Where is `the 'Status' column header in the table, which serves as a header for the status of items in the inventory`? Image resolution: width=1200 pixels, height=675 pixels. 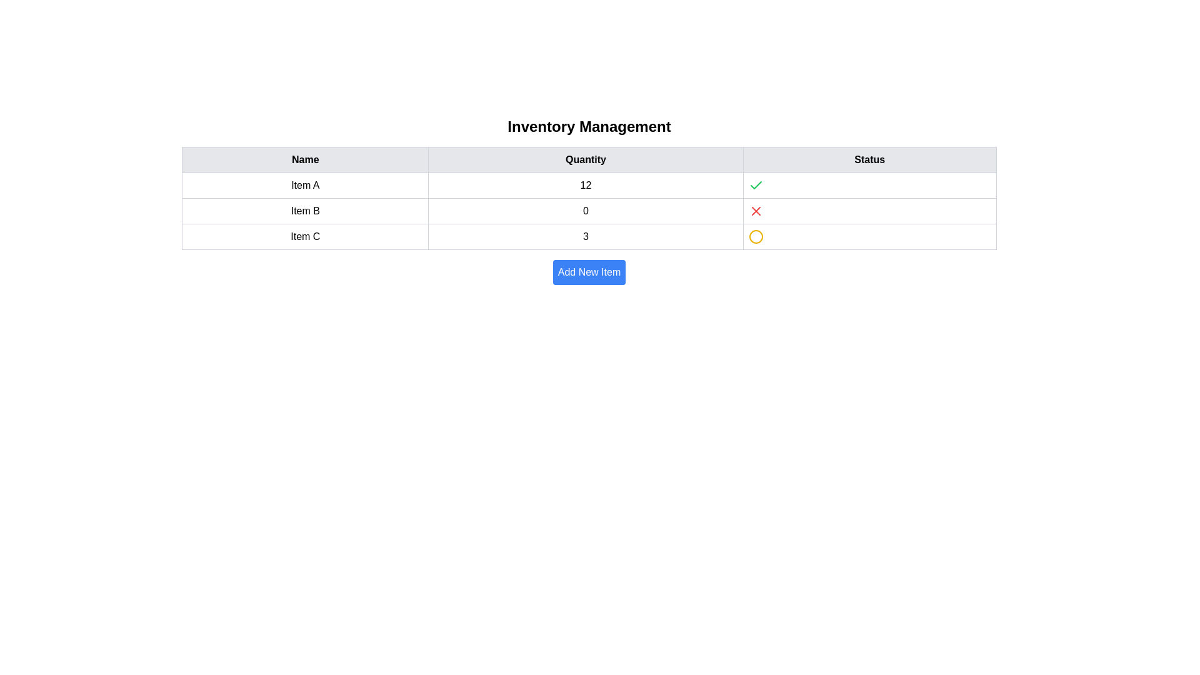
the 'Status' column header in the table, which serves as a header for the status of items in the inventory is located at coordinates (869, 159).